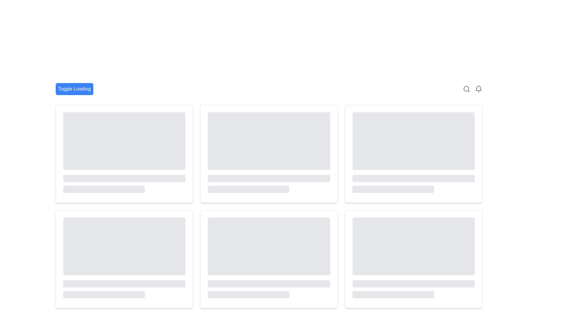 The height and width of the screenshot is (325, 578). I want to click on Placeholder card located at the bottom-left corner of the grid layout, specifically the fourth card in a sequence of six, for debugging purposes, so click(124, 258).